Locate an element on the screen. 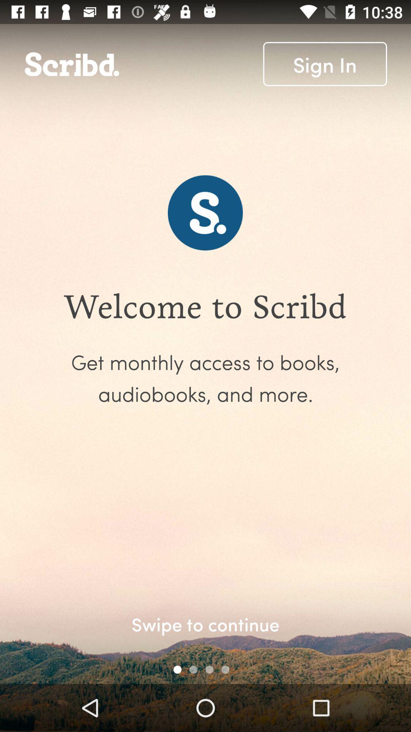 This screenshot has width=411, height=732. sign in icon is located at coordinates (325, 64).